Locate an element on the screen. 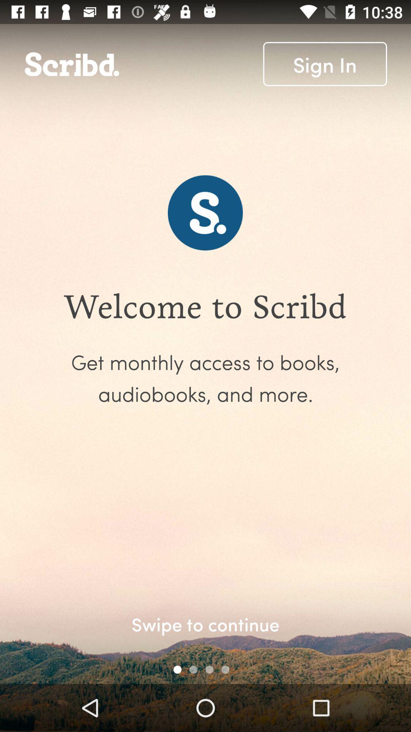 This screenshot has width=411, height=732. sign in icon is located at coordinates (325, 64).